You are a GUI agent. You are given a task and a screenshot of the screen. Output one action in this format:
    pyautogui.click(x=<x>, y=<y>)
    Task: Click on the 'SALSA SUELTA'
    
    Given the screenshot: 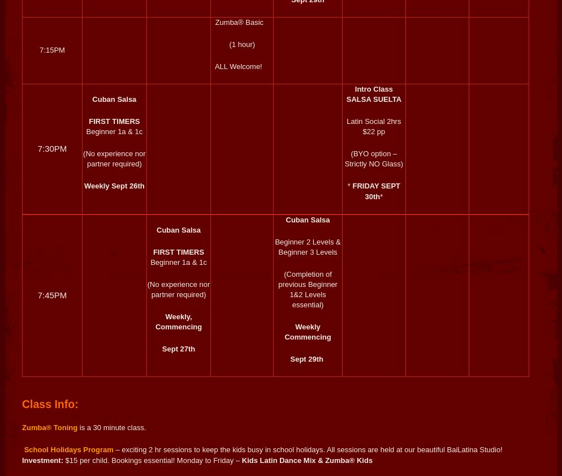 What is the action you would take?
    pyautogui.click(x=374, y=98)
    